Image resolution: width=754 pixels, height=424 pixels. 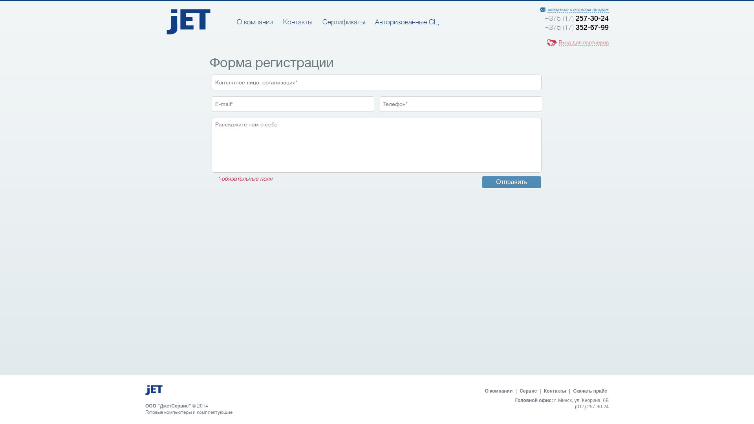 What do you see at coordinates (188, 32) in the screenshot?
I see `'JET'` at bounding box center [188, 32].